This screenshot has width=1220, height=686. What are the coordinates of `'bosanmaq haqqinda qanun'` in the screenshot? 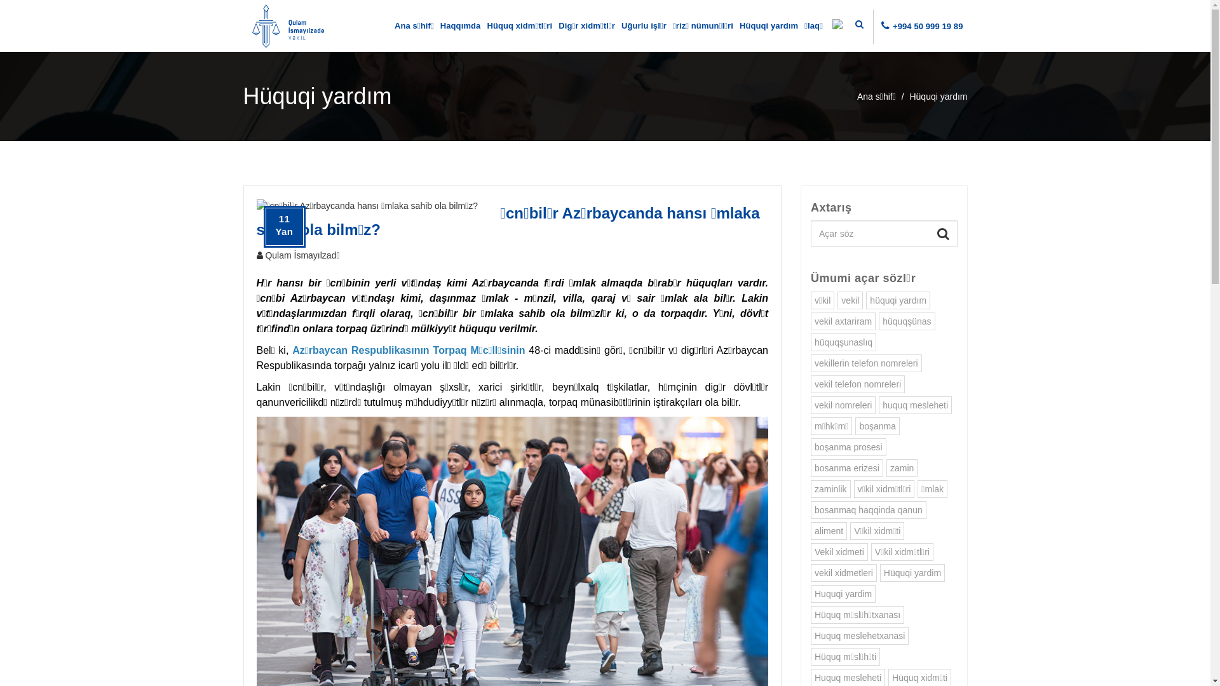 It's located at (868, 509).